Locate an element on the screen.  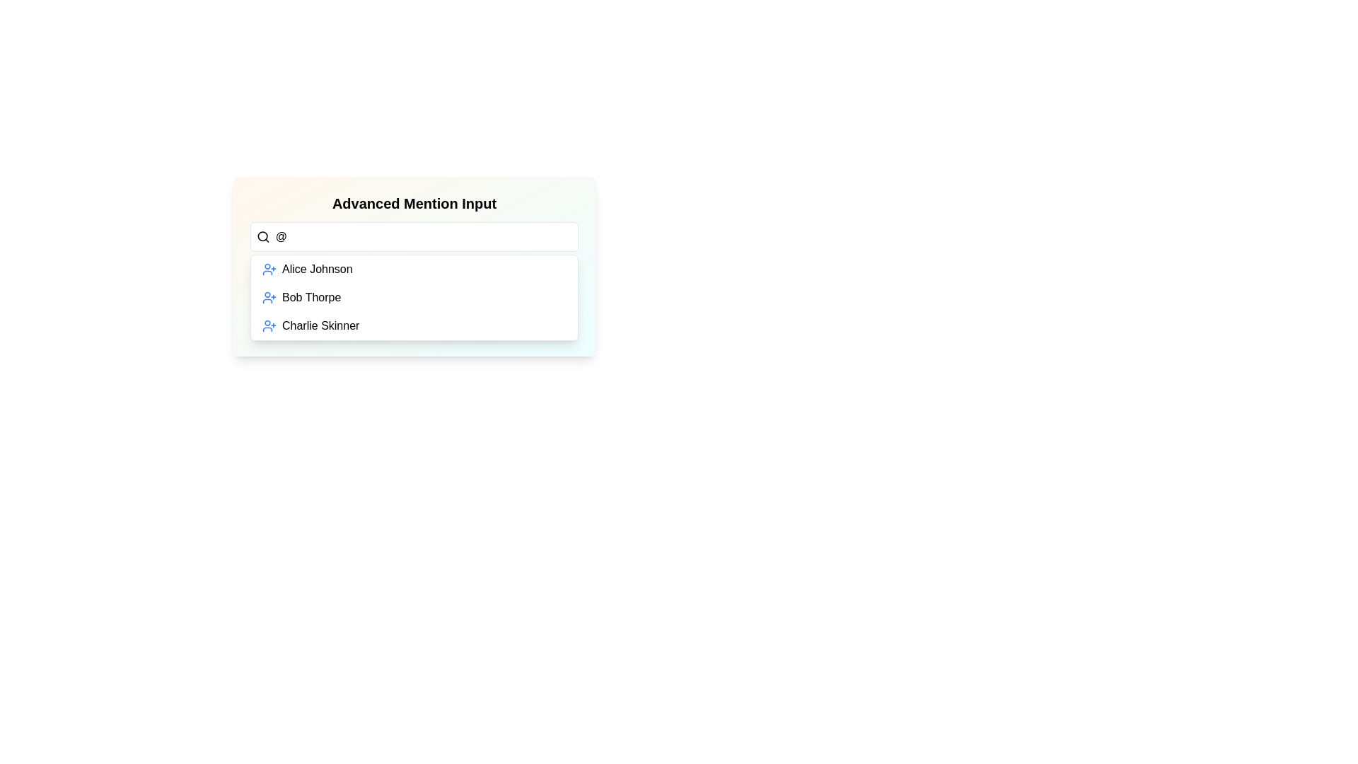
the blue '+' icon associated with 'Charlie Skinner' in the list item, positioned at the bottom of the menu interface is located at coordinates (269, 326).